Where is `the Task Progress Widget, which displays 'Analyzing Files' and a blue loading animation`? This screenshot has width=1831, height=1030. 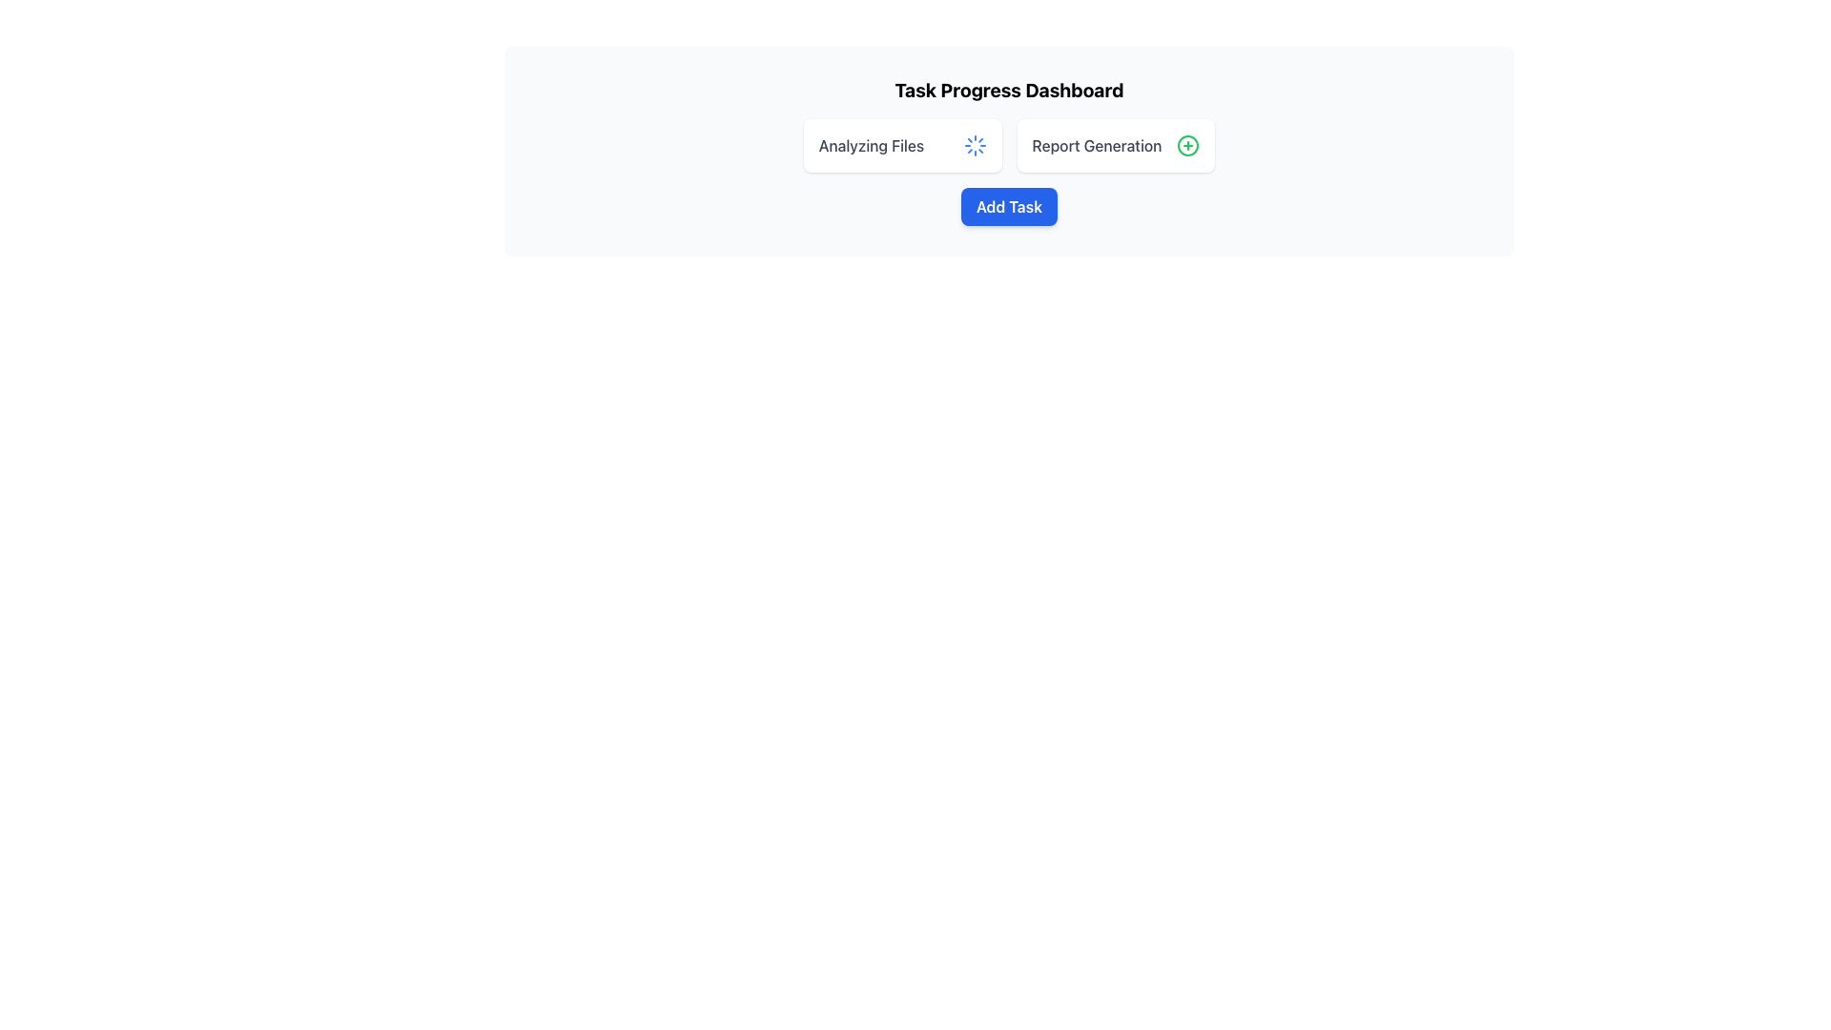 the Task Progress Widget, which displays 'Analyzing Files' and a blue loading animation is located at coordinates (901, 145).